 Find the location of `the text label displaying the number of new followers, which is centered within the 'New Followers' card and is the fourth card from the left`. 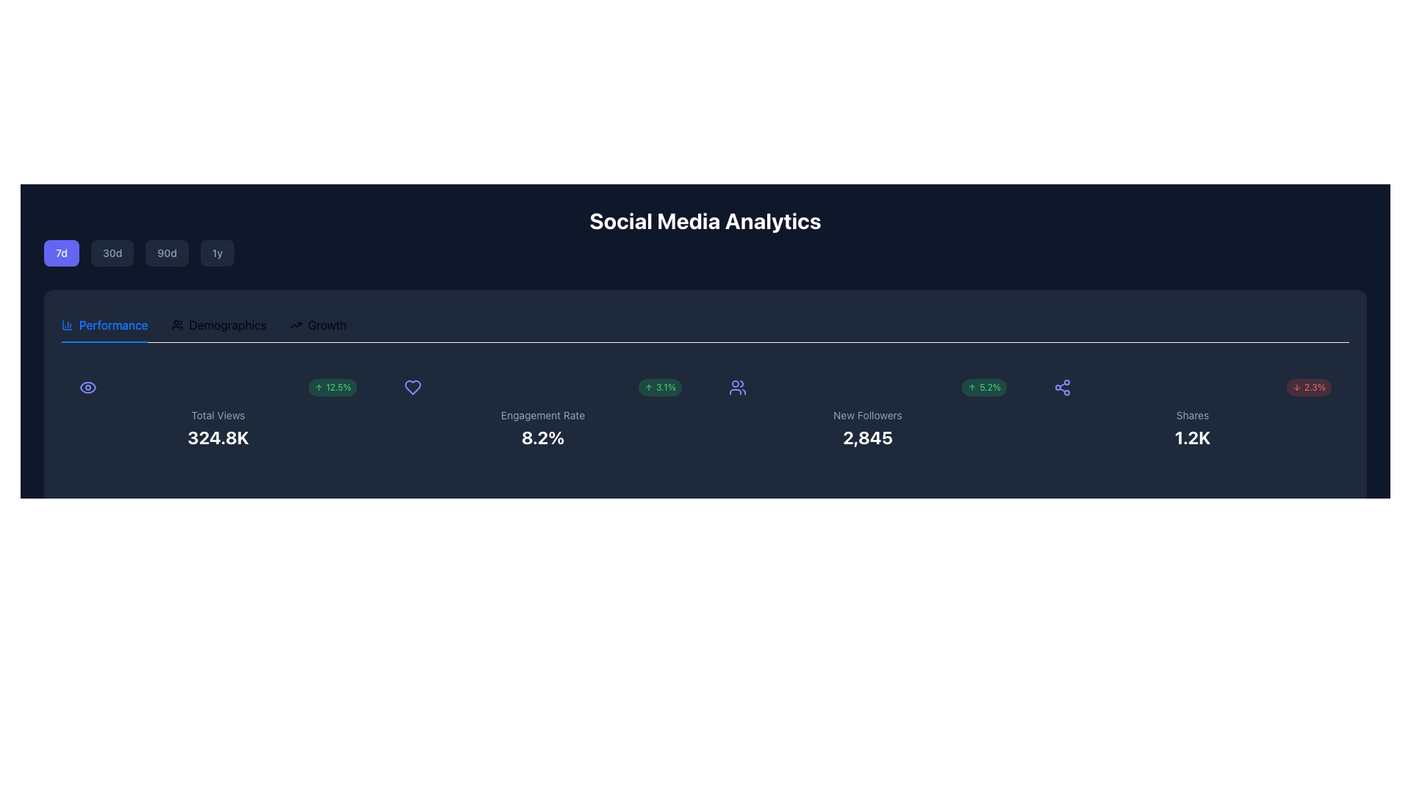

the text label displaying the number of new followers, which is centered within the 'New Followers' card and is the fourth card from the left is located at coordinates (867, 437).